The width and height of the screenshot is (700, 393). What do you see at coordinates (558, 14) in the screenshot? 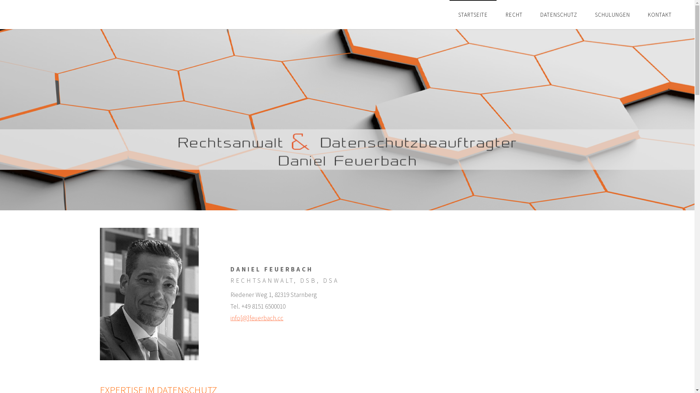
I see `'DATENSCHUTZ'` at bounding box center [558, 14].